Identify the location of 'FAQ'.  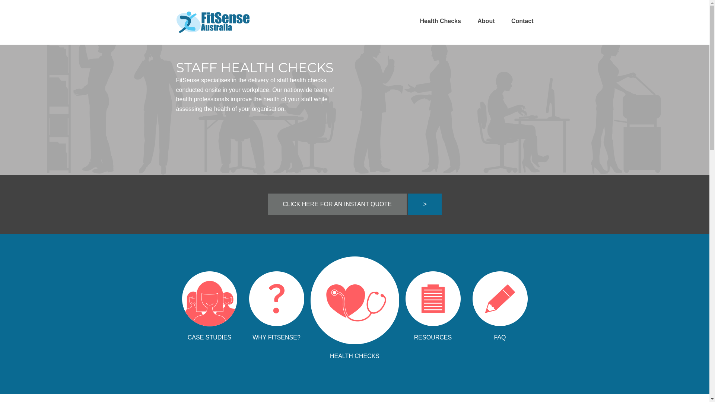
(500, 302).